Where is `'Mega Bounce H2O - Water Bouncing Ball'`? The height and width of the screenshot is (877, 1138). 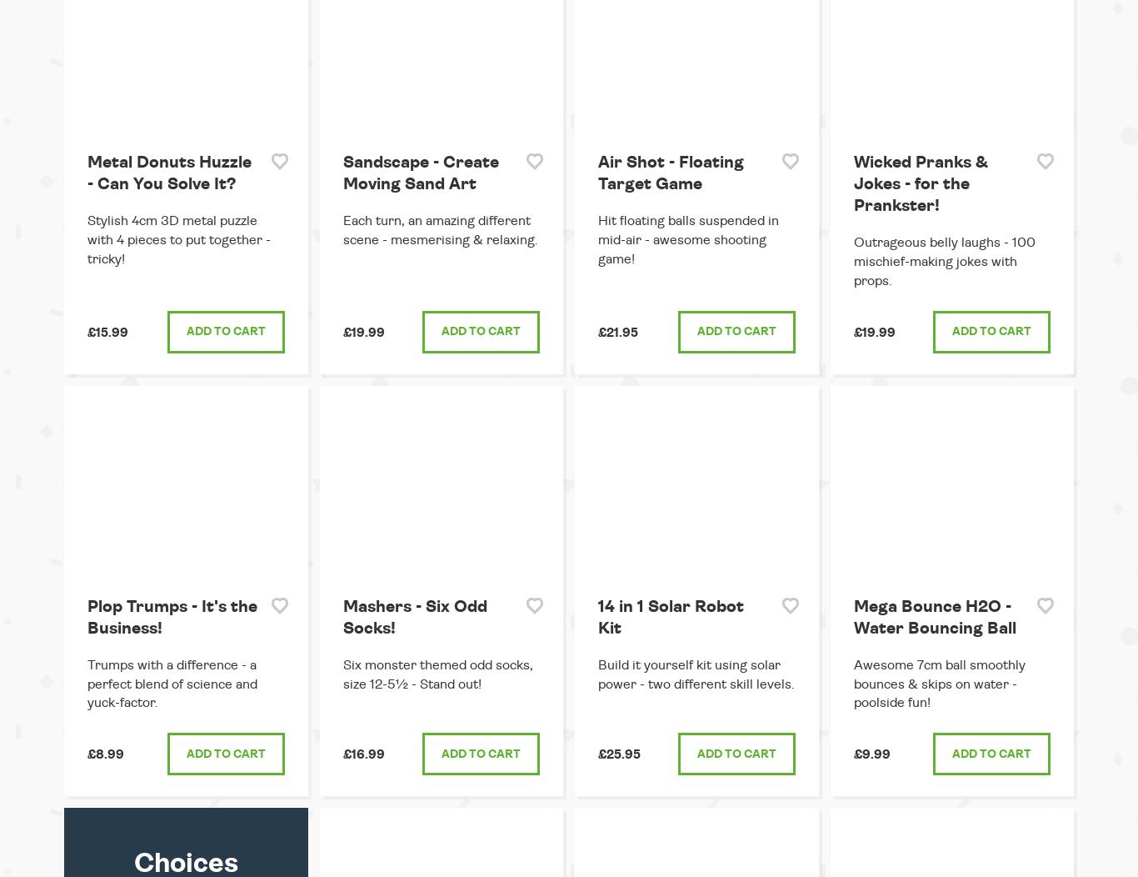
'Mega Bounce H2O - Water Bouncing Ball' is located at coordinates (933, 616).